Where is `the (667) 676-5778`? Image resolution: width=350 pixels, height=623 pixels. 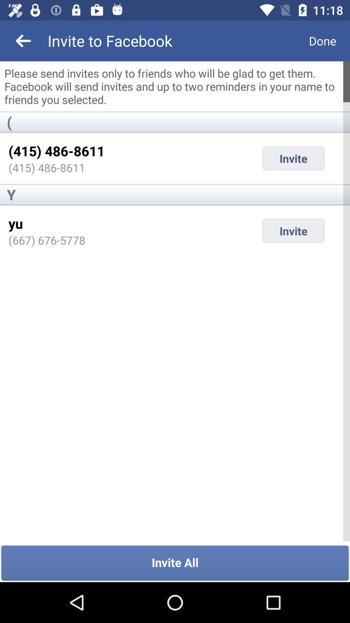
the (667) 676-5778 is located at coordinates (46, 240).